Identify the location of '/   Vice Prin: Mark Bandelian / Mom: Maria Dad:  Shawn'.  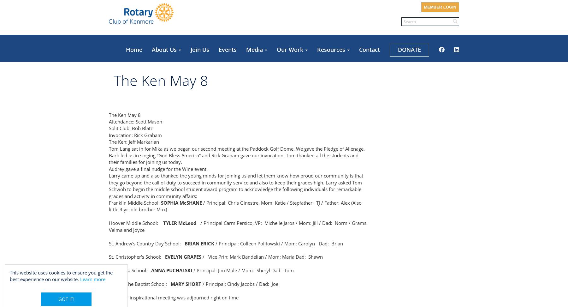
(201, 256).